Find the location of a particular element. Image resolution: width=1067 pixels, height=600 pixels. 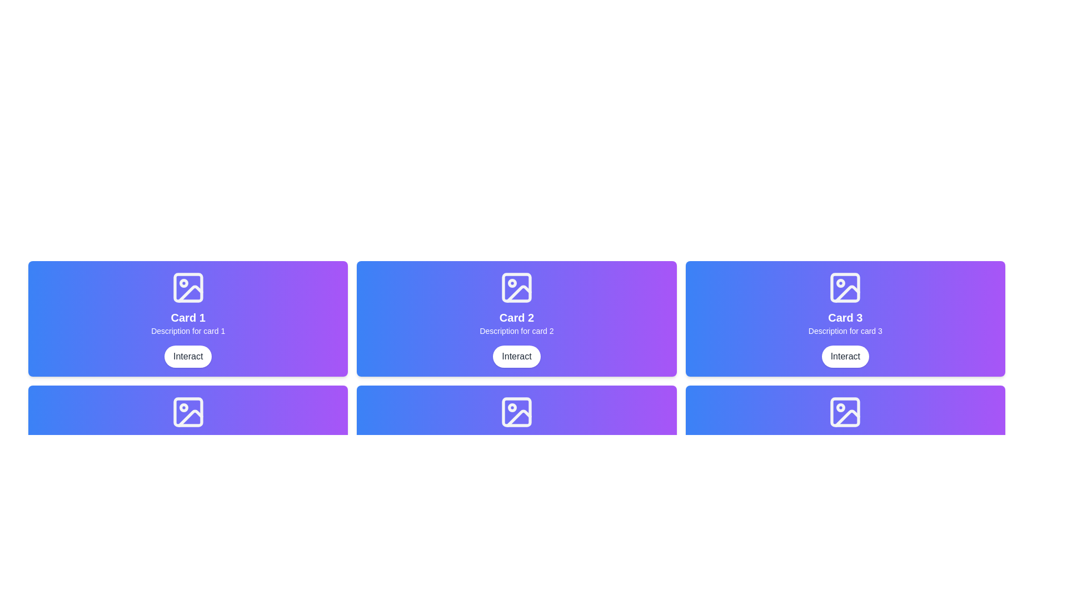

the supplementary text element located below 'Card 3' within the card labeled 'Card 3' on the right side of a three-card layout is located at coordinates (845, 331).